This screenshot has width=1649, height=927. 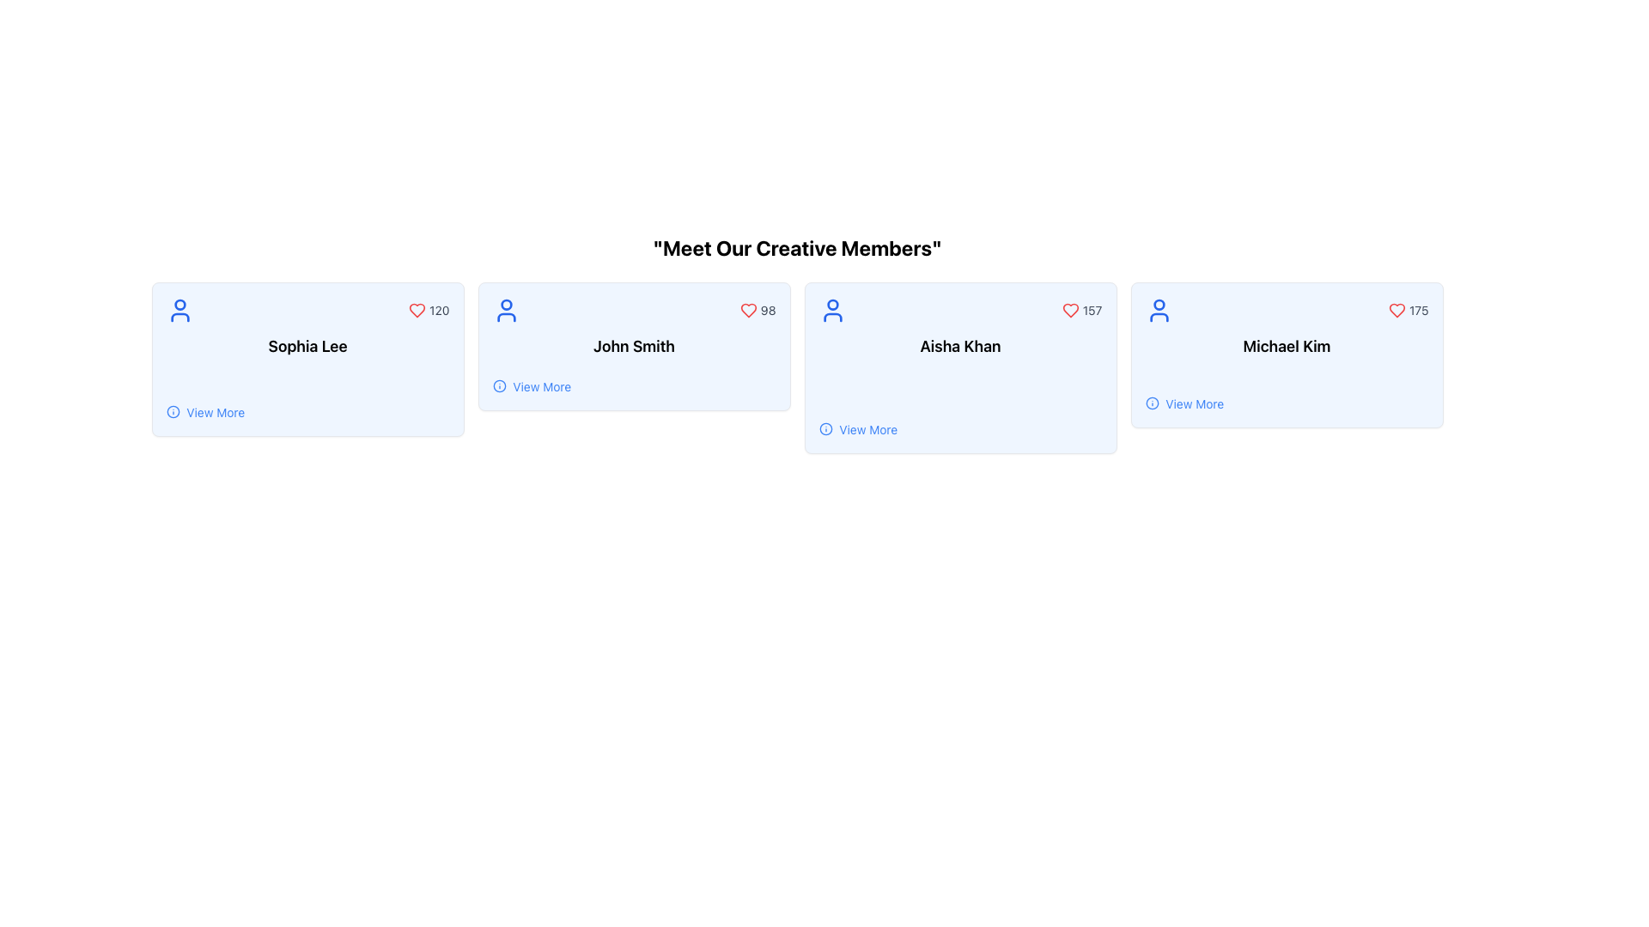 What do you see at coordinates (1159, 311) in the screenshot?
I see `the user profile icon located in the top-left corner of the card associated with 'Michael Kim' and '175'` at bounding box center [1159, 311].